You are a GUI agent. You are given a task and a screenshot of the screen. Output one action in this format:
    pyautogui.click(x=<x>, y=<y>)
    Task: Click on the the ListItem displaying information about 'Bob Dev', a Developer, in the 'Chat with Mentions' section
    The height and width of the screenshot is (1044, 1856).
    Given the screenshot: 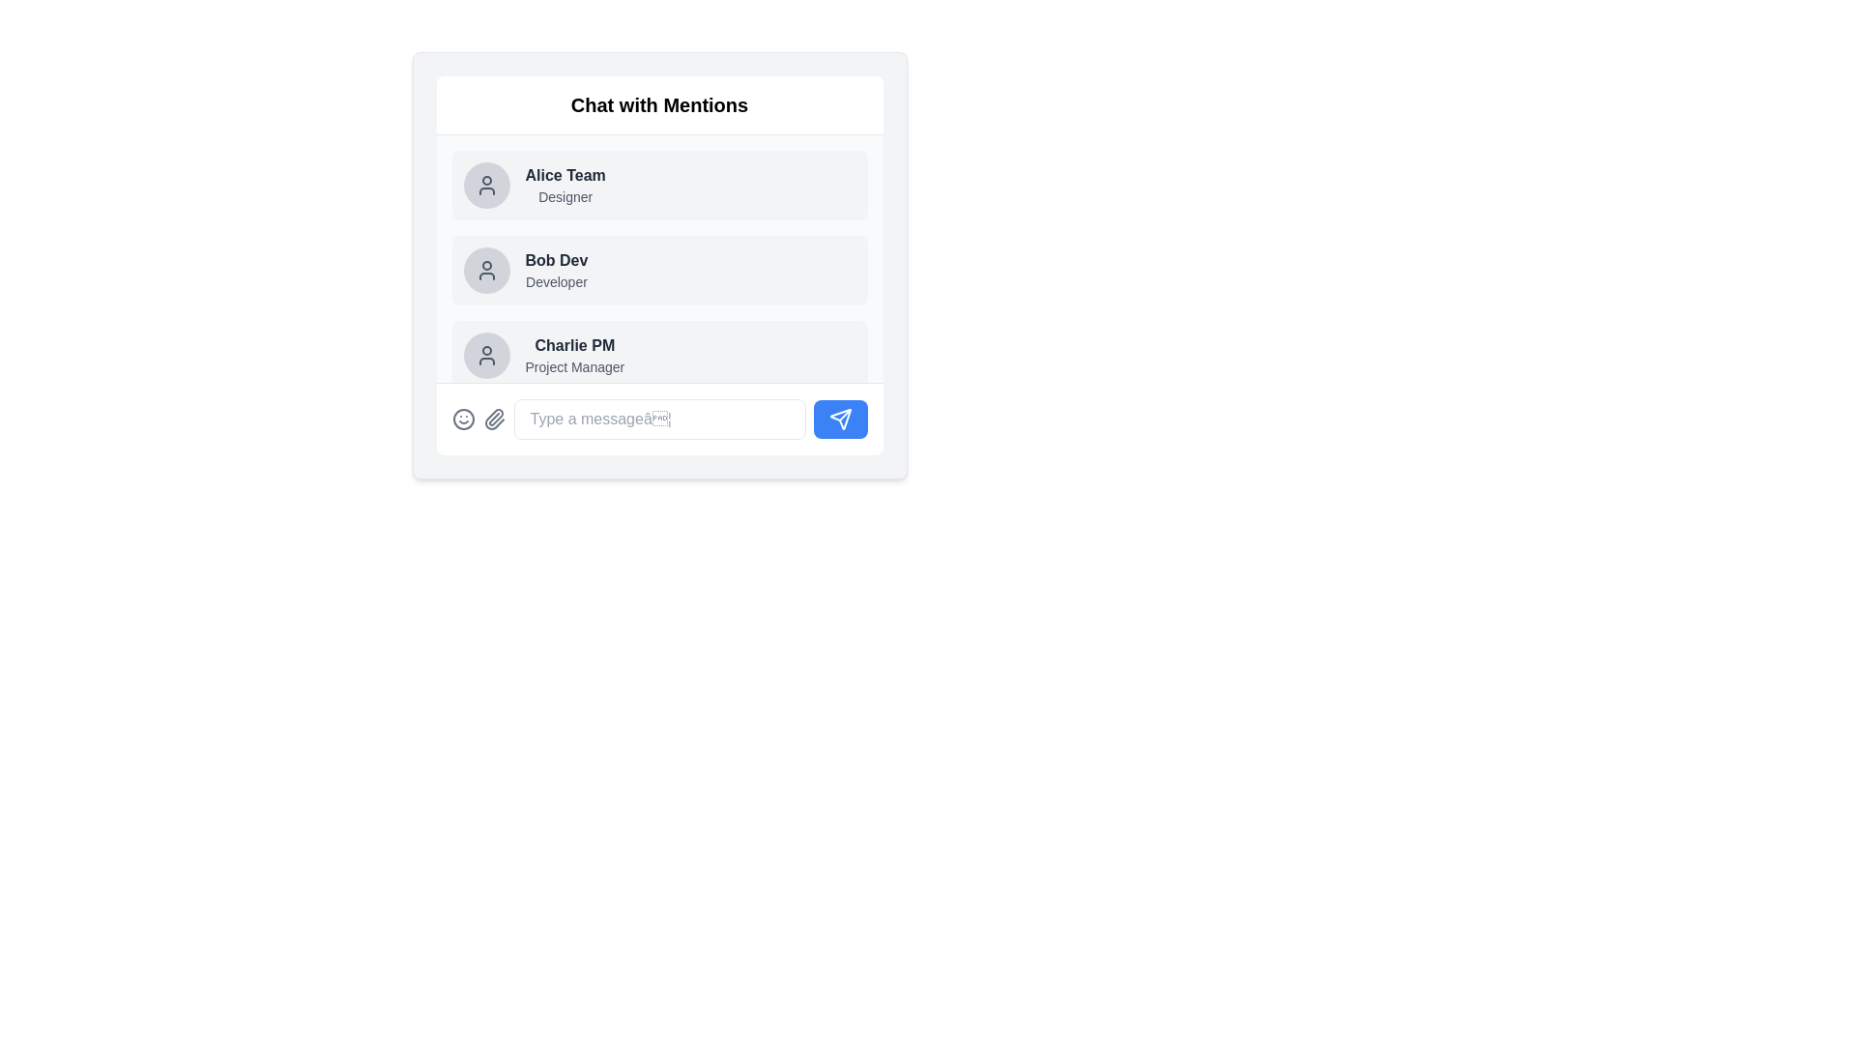 What is the action you would take?
    pyautogui.click(x=659, y=265)
    